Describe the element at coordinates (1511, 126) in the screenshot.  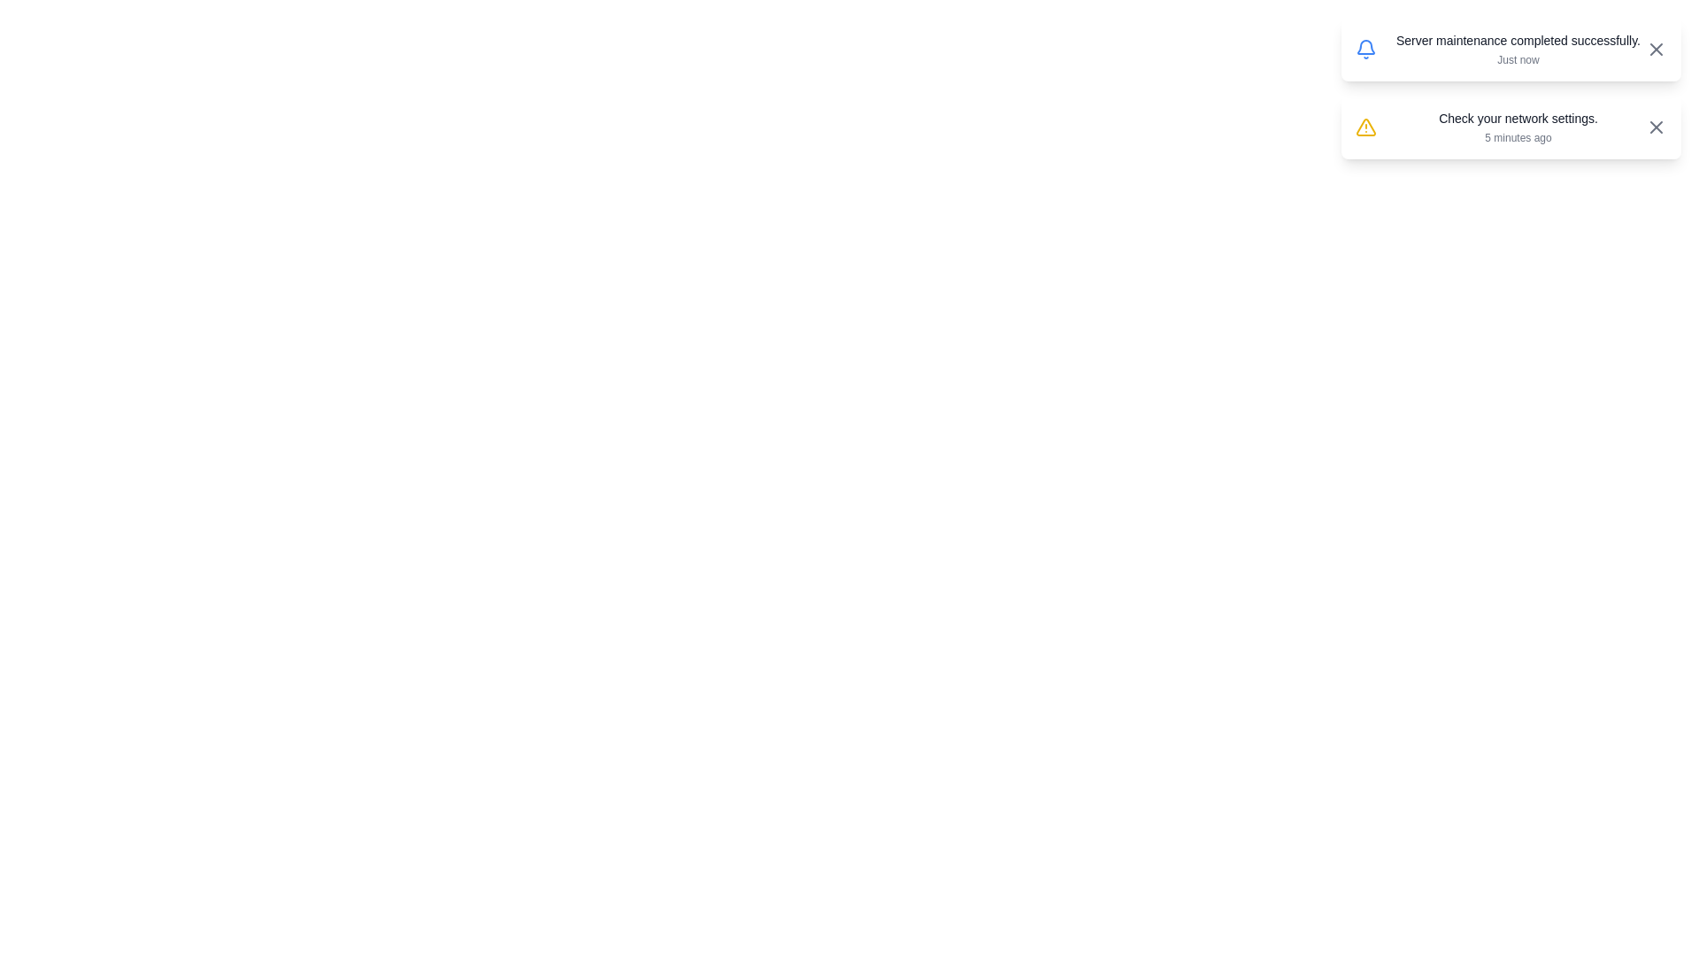
I see `the alert with message 'Check your network settings.'` at that location.